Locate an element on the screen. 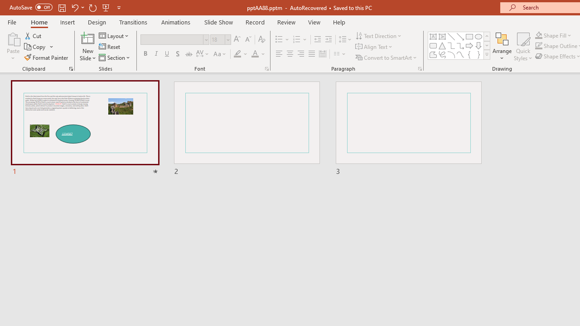 The width and height of the screenshot is (580, 326). 'AutomationID: ShapesInsertGallery' is located at coordinates (459, 45).